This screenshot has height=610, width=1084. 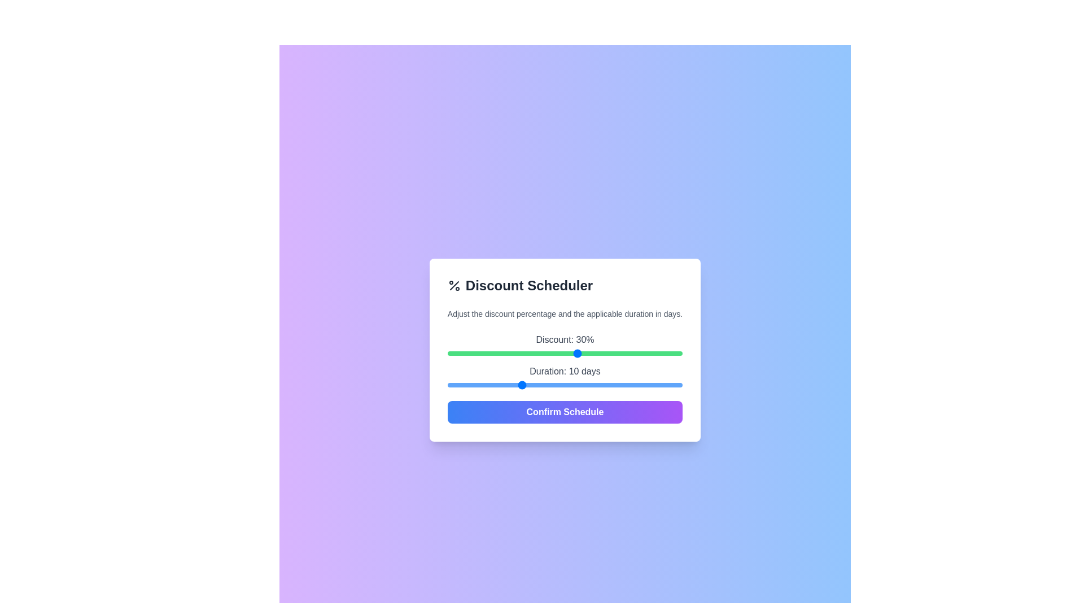 I want to click on the discount slider to 31%, so click(x=583, y=352).